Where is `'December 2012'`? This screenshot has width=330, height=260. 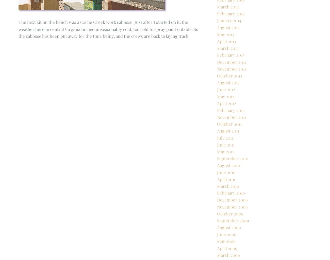 'December 2012' is located at coordinates (217, 79).